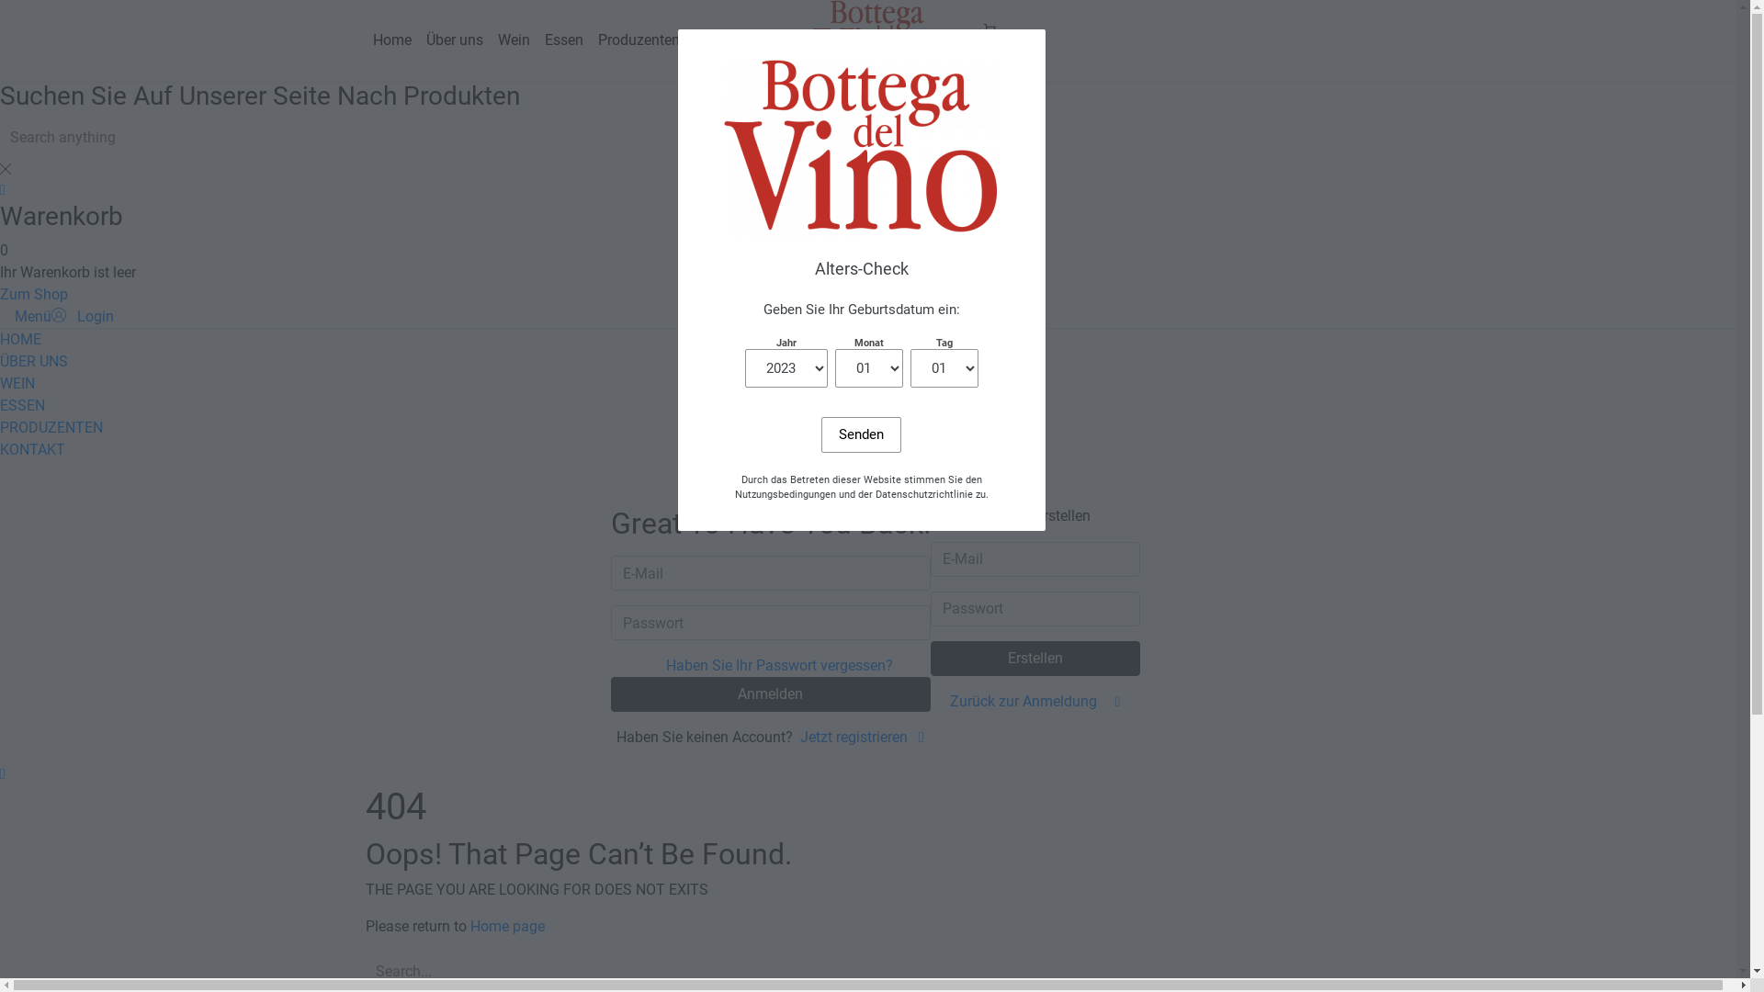  Describe the element at coordinates (718, 39) in the screenshot. I see `'Kontakt'` at that location.